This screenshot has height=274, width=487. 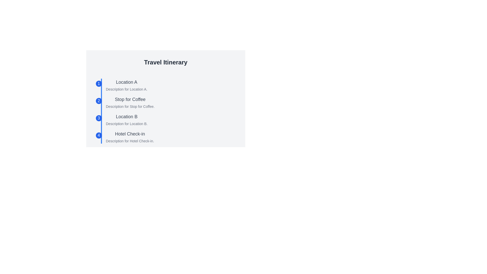 I want to click on the List Item that represents 'Hotel Check-in' with a blue circular badge showing the number '4', located as the fourth item in the itinerary list, so click(x=166, y=137).